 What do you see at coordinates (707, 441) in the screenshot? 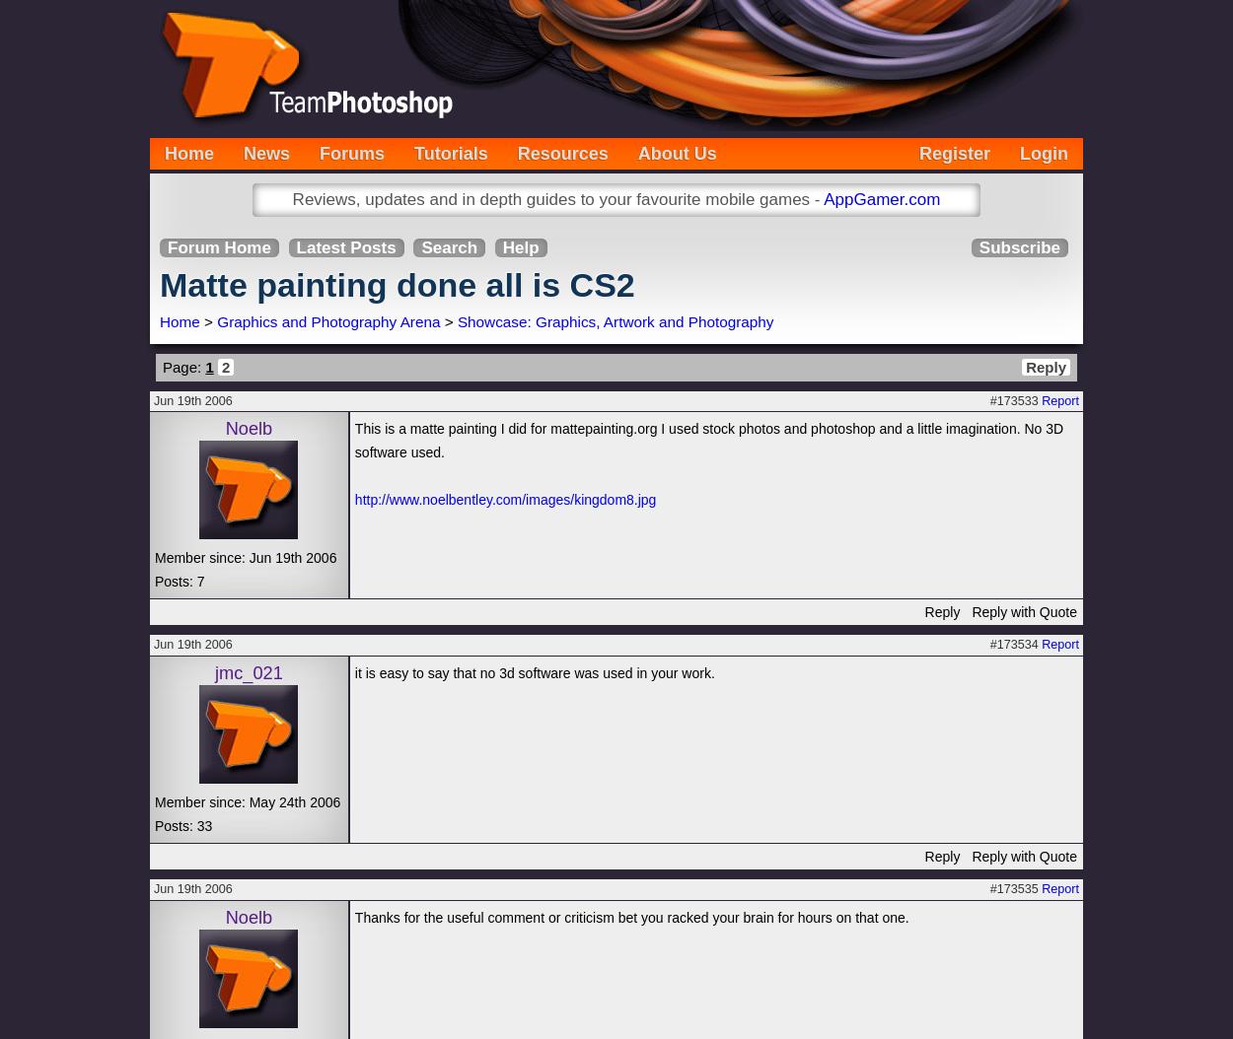
I see `'This is a matte painting I did for mattepainting.org  I used stock photos and photoshop and a little imagination. No 3D software used.'` at bounding box center [707, 441].